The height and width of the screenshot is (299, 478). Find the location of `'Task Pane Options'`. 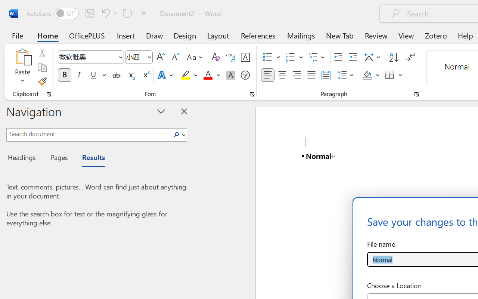

'Task Pane Options' is located at coordinates (161, 111).